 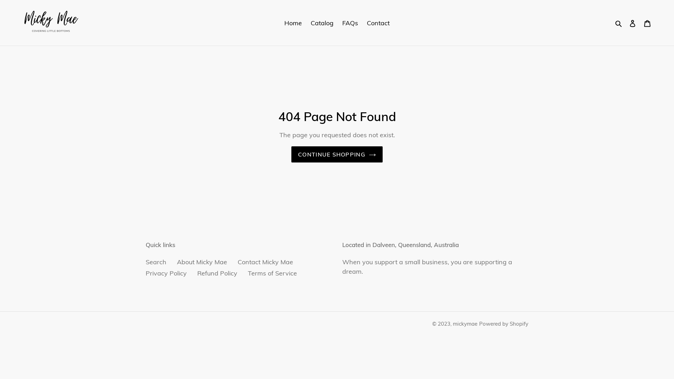 What do you see at coordinates (337, 154) in the screenshot?
I see `'CONTINUE SHOPPING'` at bounding box center [337, 154].